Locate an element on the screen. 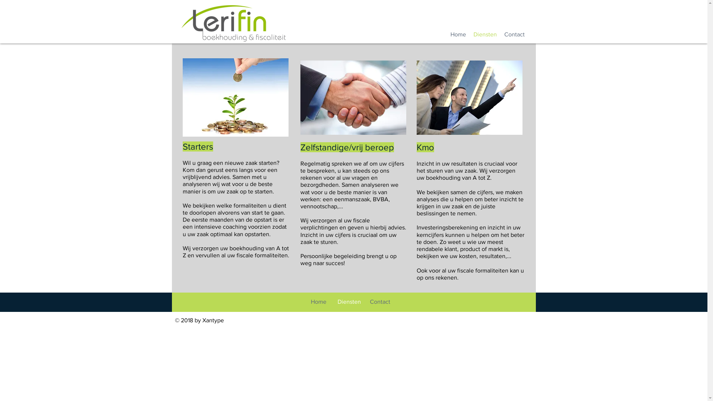 The height and width of the screenshot is (401, 713). 'Contact' is located at coordinates (380, 302).